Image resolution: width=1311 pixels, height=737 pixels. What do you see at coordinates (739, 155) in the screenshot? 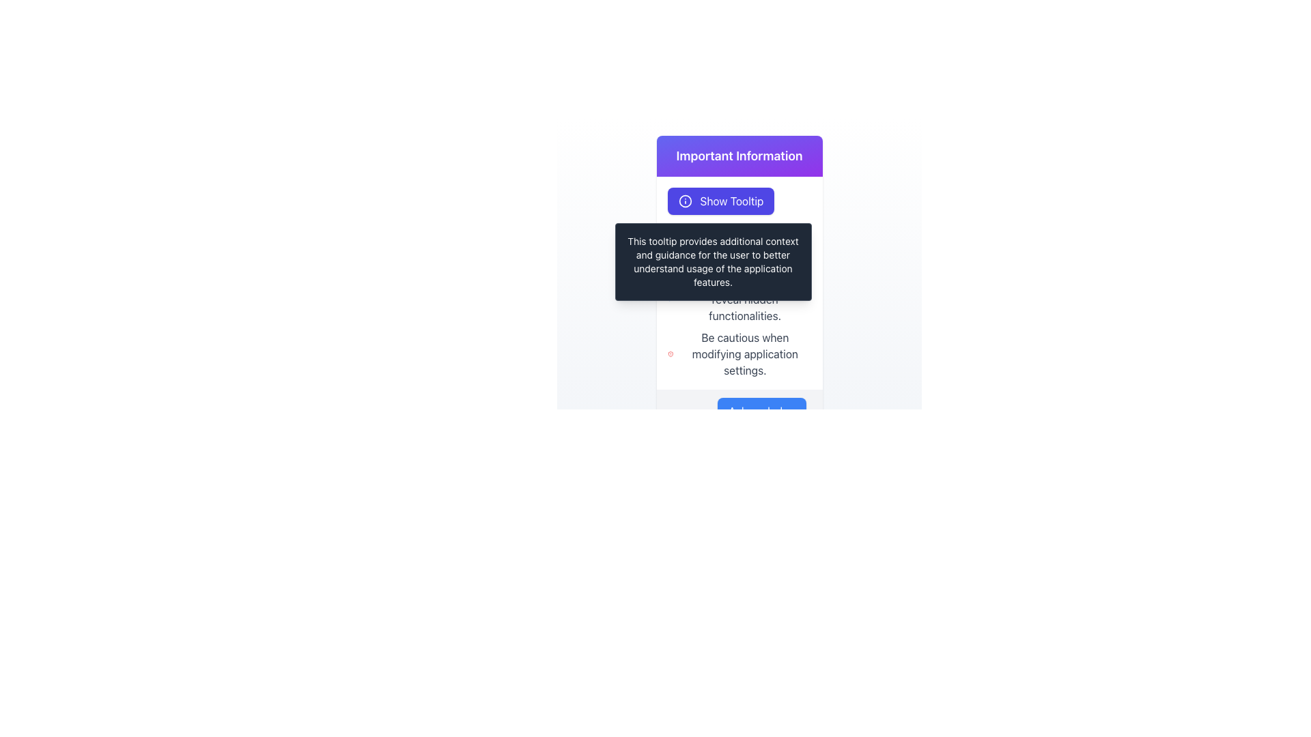
I see `the text label displaying 'Important Information', which is bold, white, and centrally positioned in a header section with an indigo to purple gradient background` at bounding box center [739, 155].